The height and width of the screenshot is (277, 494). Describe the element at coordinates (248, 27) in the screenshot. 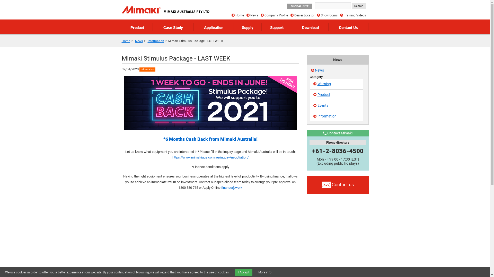

I see `'Supply'` at that location.